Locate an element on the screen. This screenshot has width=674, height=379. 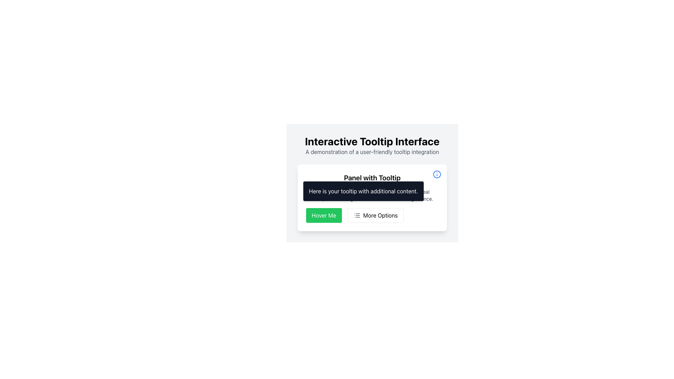
the information icon located in the top-right corner of the 'Panel with Tooltip' is located at coordinates (436, 174).